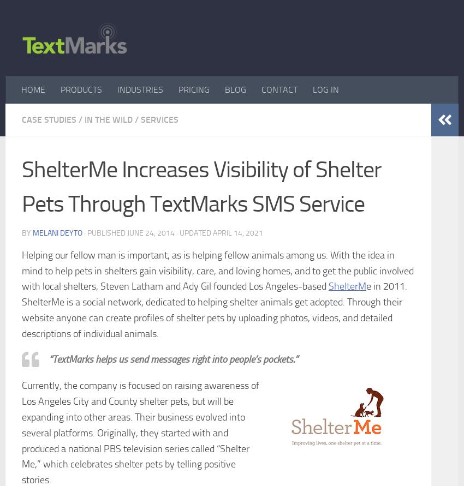 The height and width of the screenshot is (486, 464). What do you see at coordinates (159, 119) in the screenshot?
I see `'Services'` at bounding box center [159, 119].